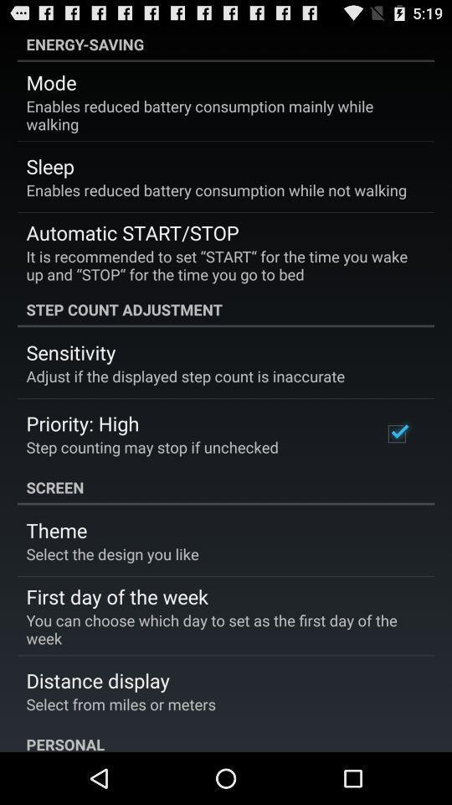 The image size is (452, 805). What do you see at coordinates (152, 446) in the screenshot?
I see `step counting may icon` at bounding box center [152, 446].